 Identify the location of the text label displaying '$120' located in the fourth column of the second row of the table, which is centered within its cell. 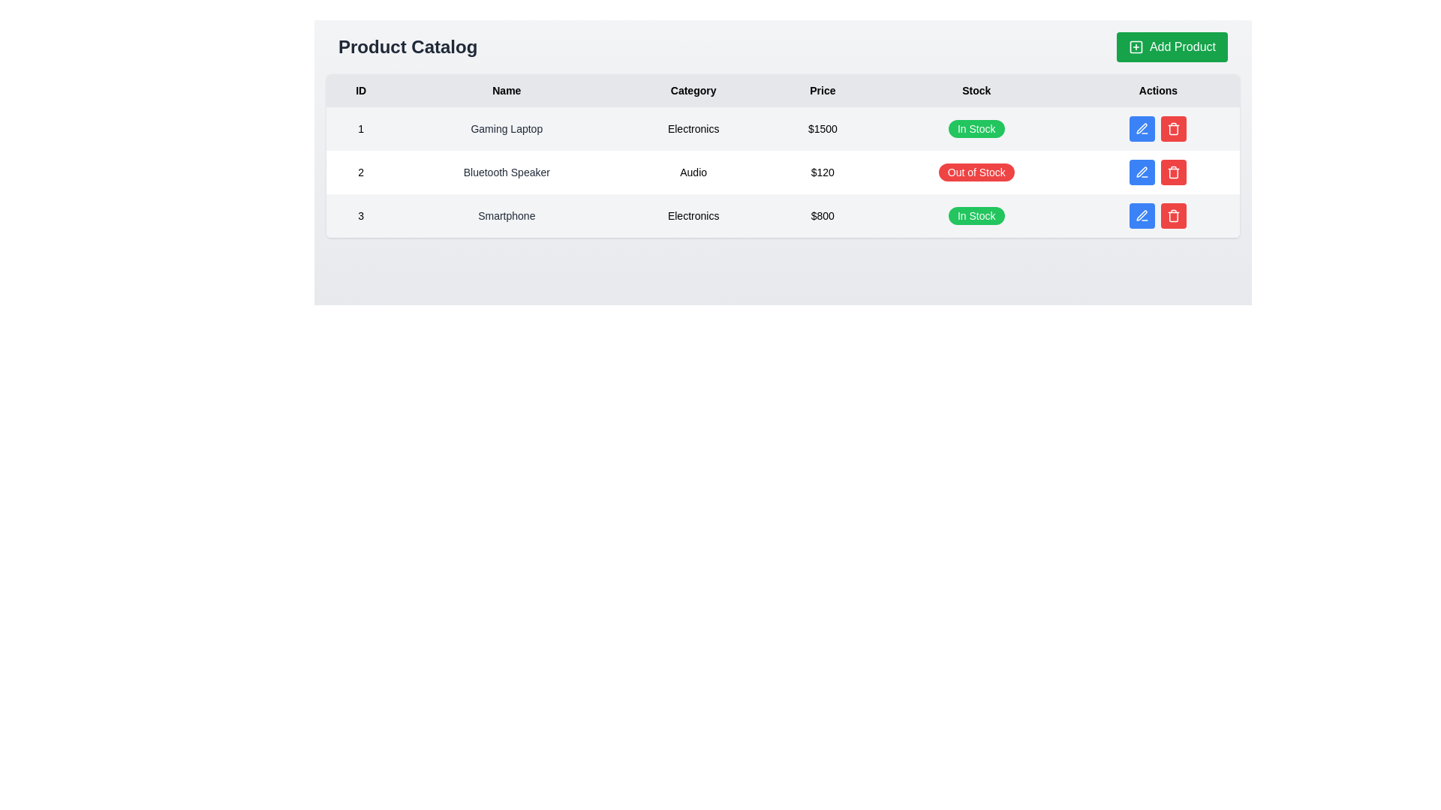
(822, 172).